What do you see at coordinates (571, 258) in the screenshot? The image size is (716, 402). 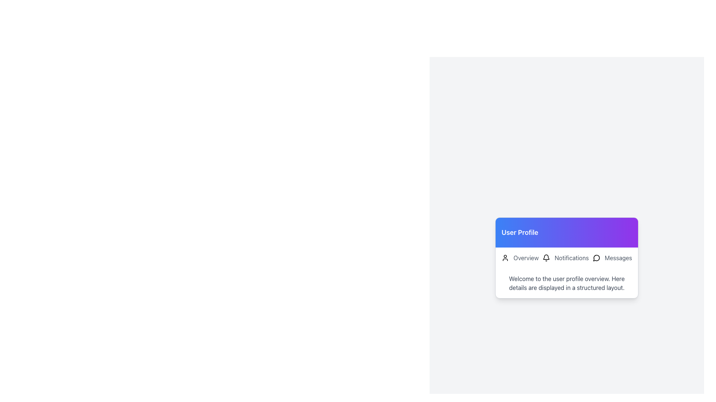 I see `the 'Notifications' text label` at bounding box center [571, 258].